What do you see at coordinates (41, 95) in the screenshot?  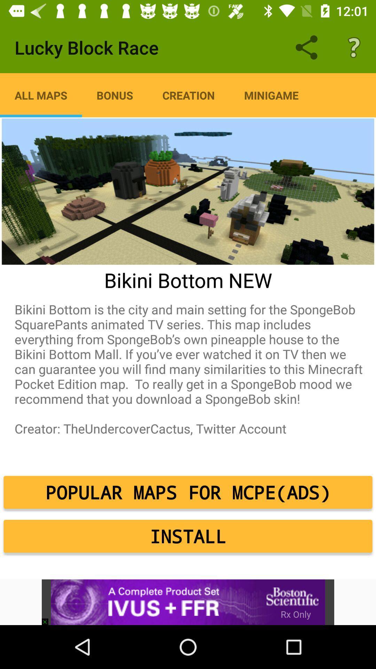 I see `icon below the lucky block race item` at bounding box center [41, 95].